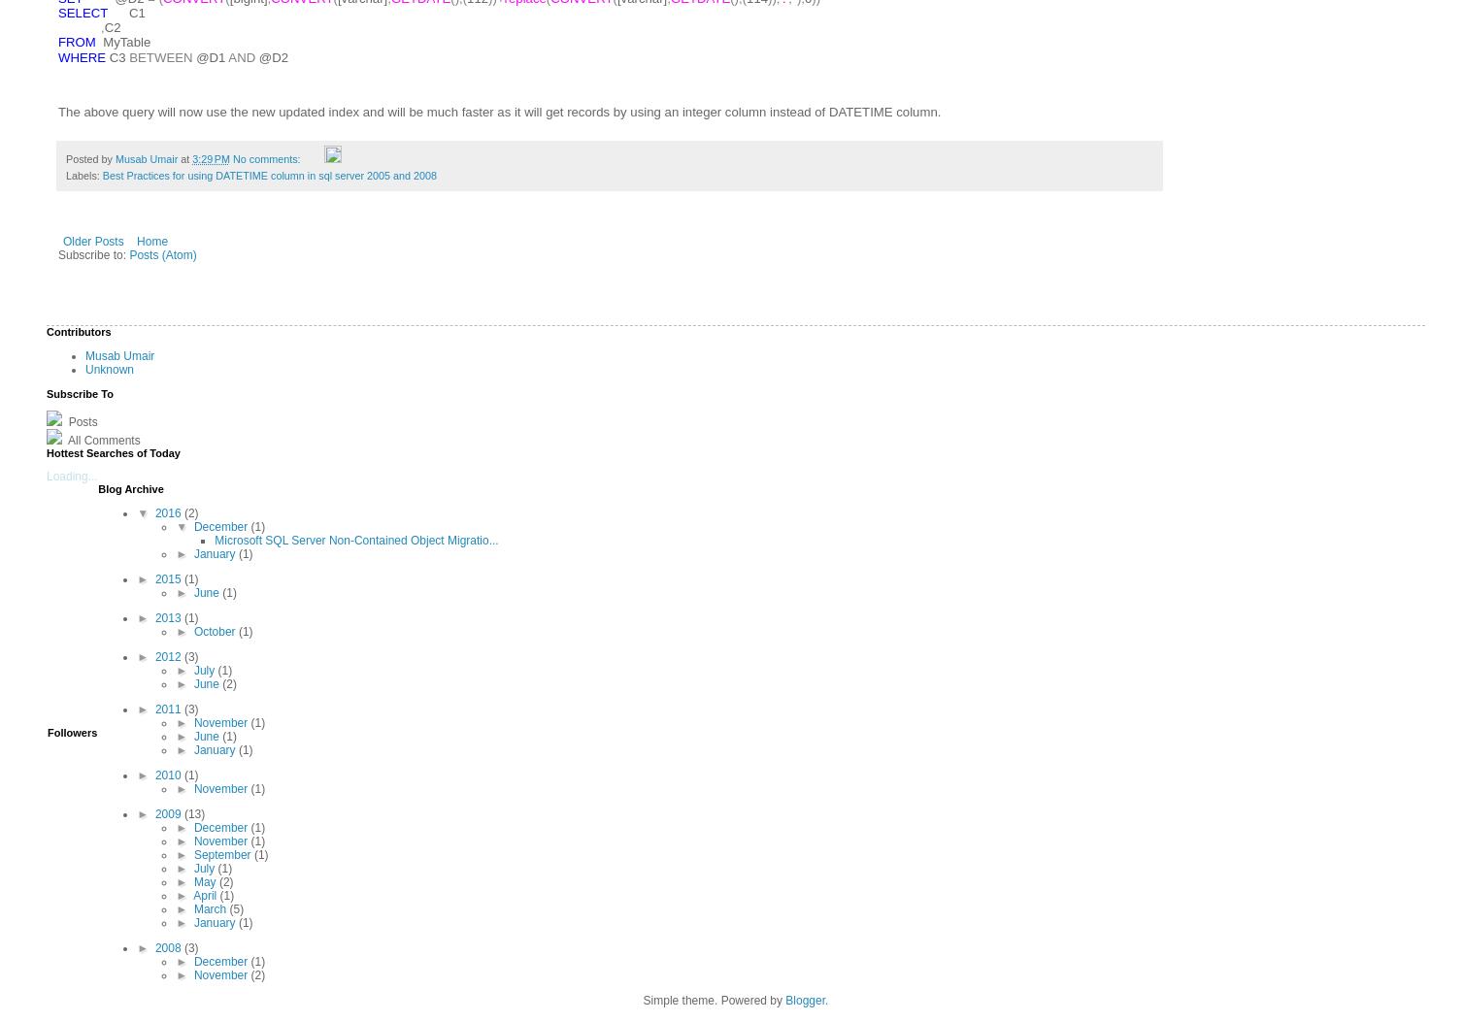 This screenshot has width=1464, height=1022. What do you see at coordinates (210, 157) in the screenshot?
I see `'3:29 PM'` at bounding box center [210, 157].